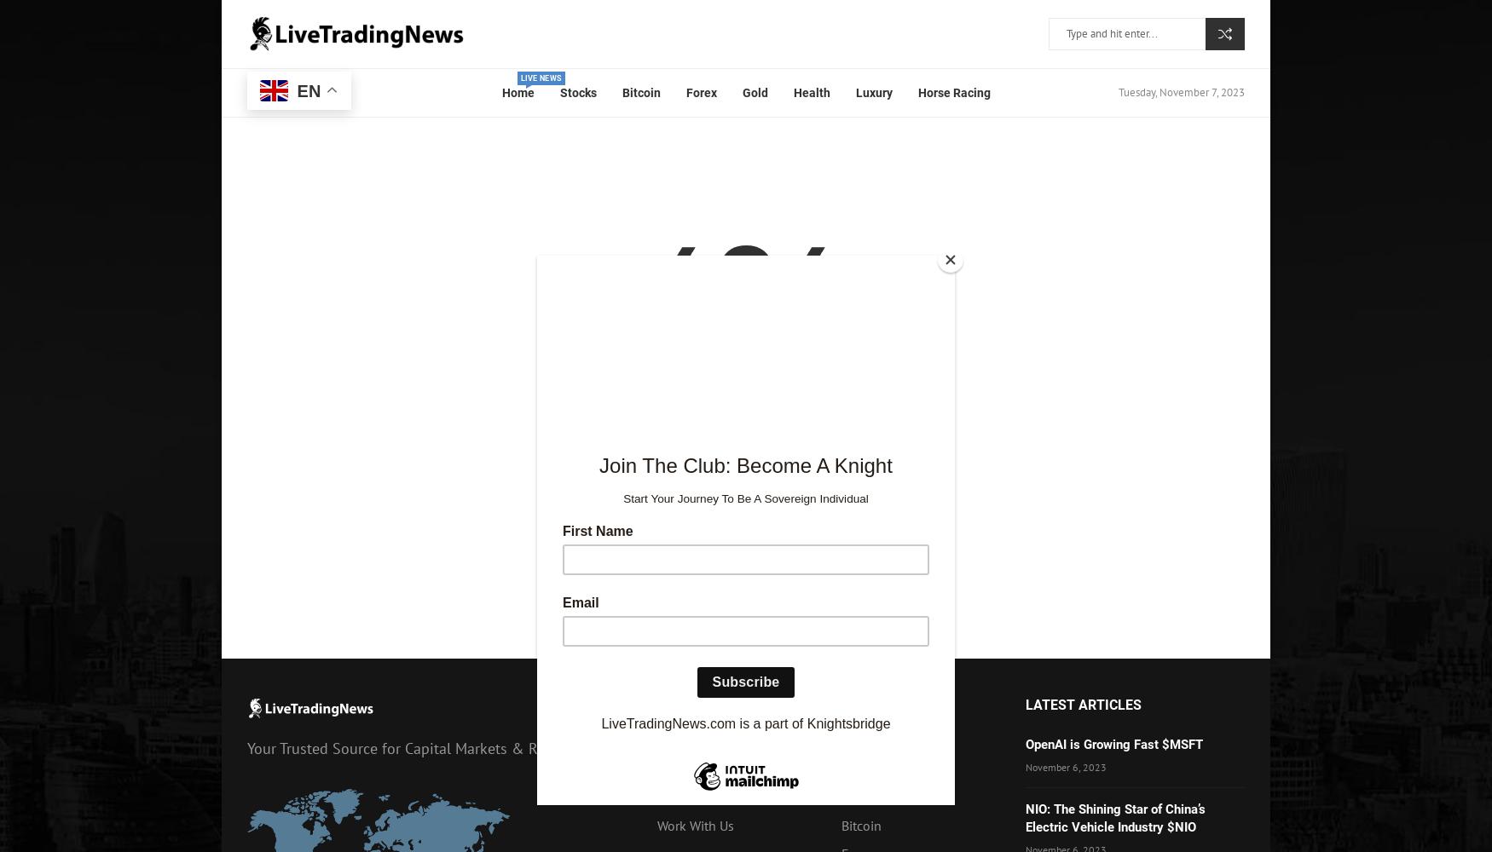 The width and height of the screenshot is (1492, 852). What do you see at coordinates (540, 390) in the screenshot?
I see `'OOPS! Page you're looking for doesn't exist. Please use search for help'` at bounding box center [540, 390].